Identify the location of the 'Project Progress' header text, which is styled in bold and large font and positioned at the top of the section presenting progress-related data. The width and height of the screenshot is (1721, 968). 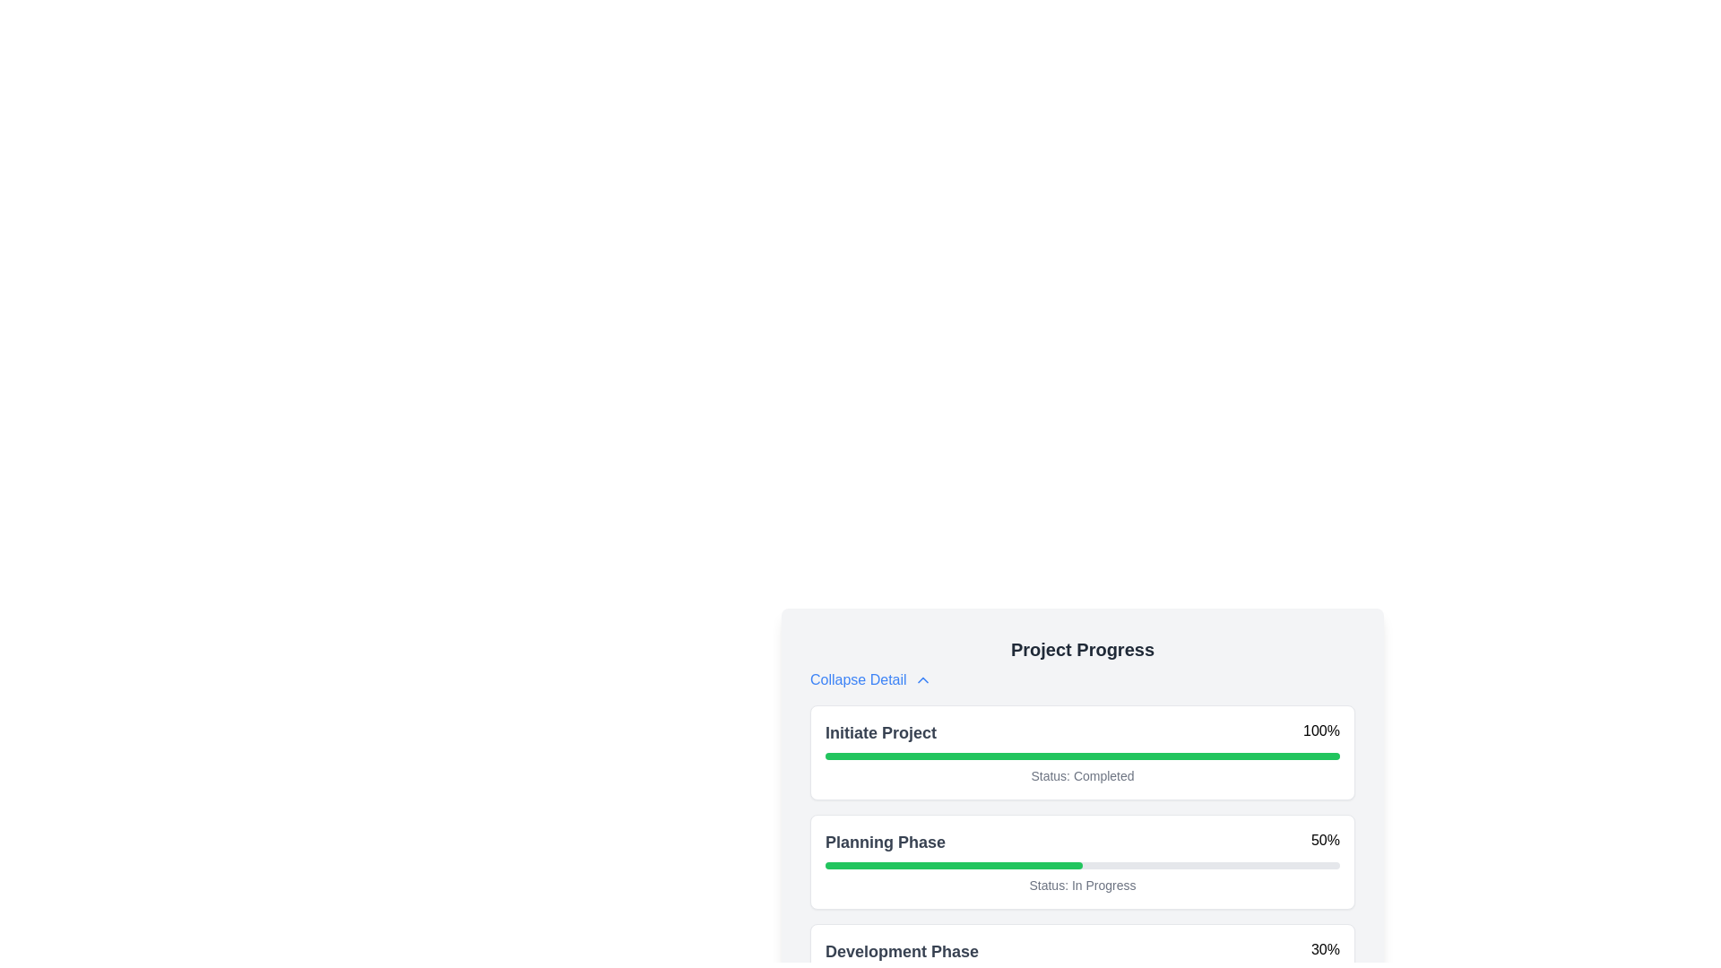
(1082, 650).